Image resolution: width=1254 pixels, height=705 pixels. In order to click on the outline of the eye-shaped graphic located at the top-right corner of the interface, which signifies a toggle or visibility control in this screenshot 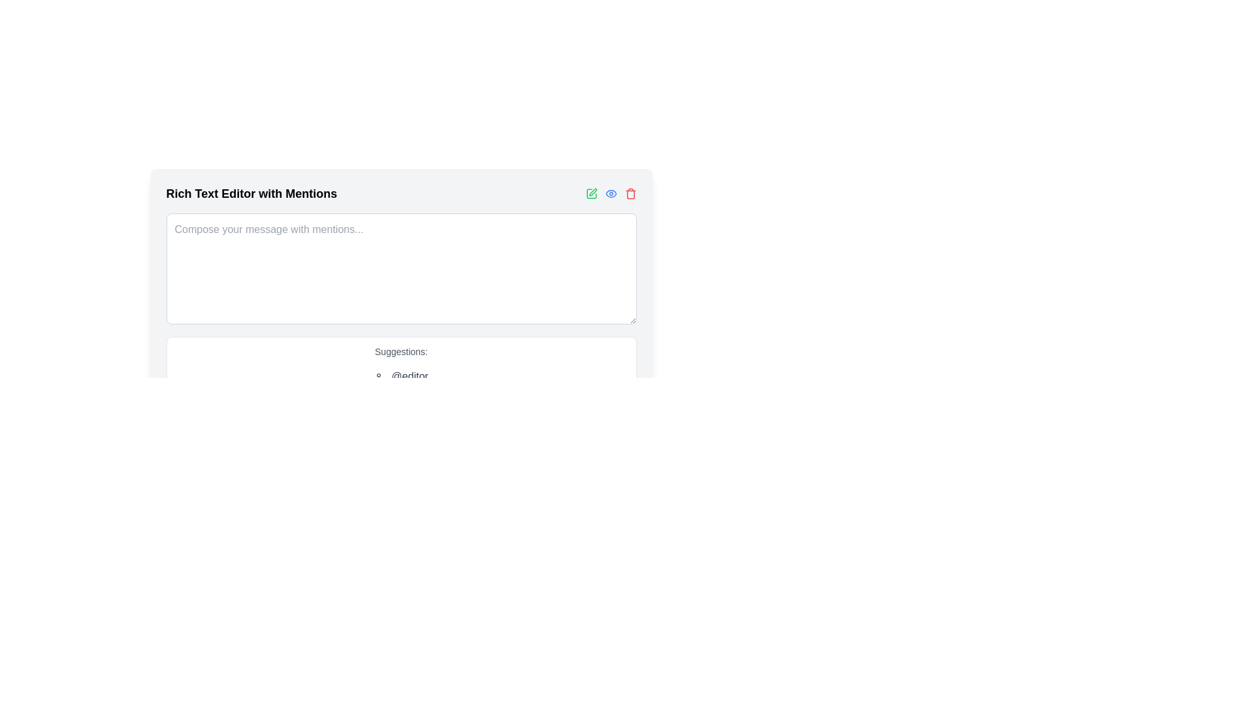, I will do `click(610, 194)`.